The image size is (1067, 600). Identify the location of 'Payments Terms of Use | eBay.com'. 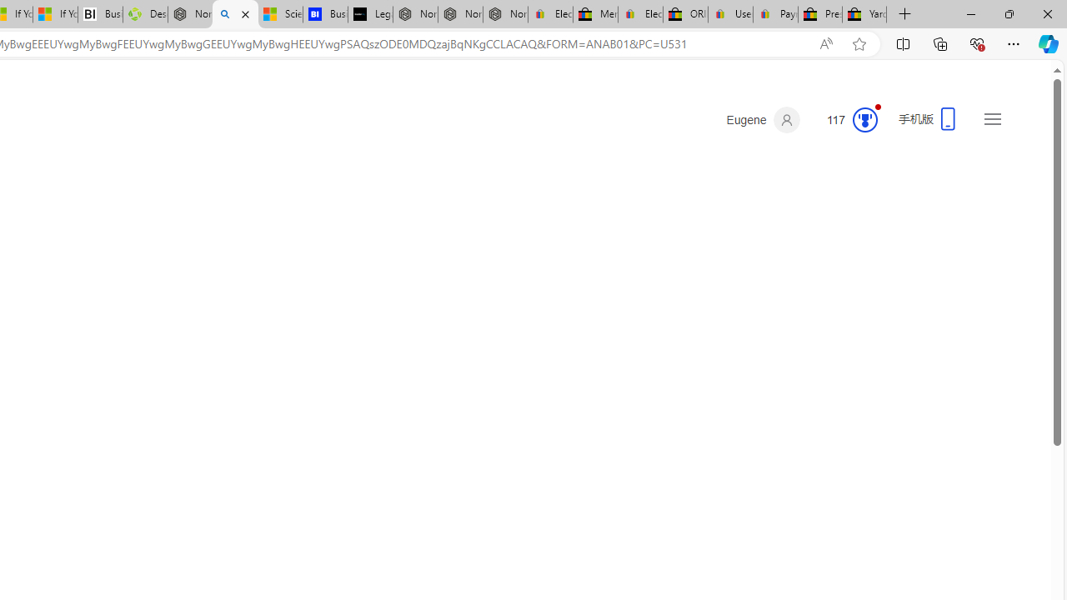
(774, 14).